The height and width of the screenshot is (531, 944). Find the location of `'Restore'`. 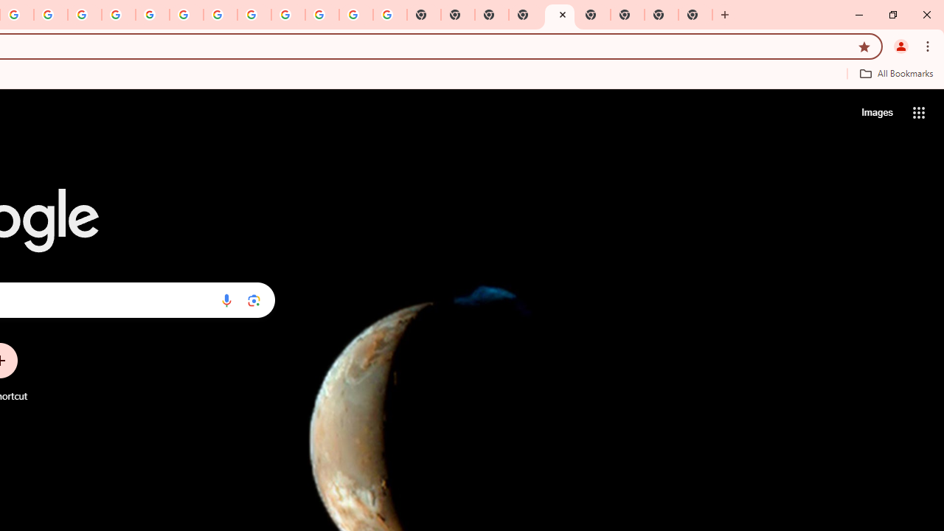

'Restore' is located at coordinates (892, 15).